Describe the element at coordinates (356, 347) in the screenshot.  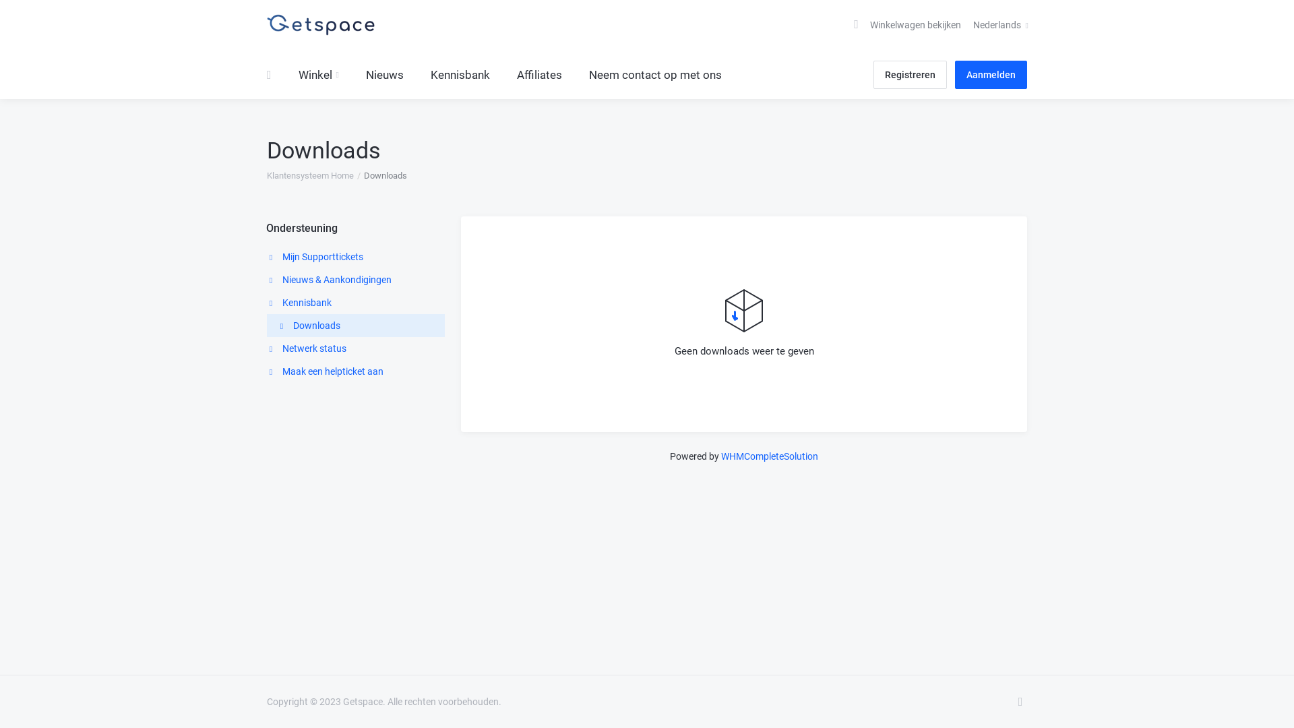
I see `'Netwerk status'` at that location.